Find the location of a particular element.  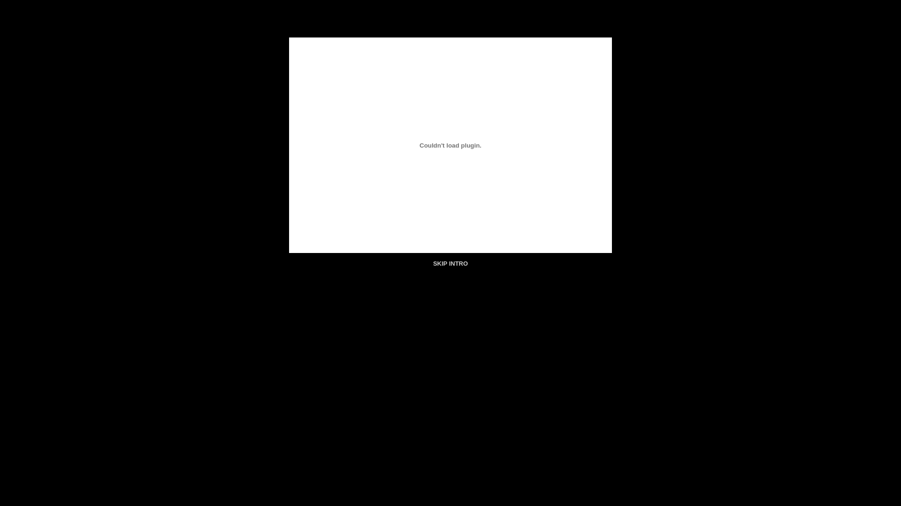

'SKIP INTRO' is located at coordinates (450, 263).